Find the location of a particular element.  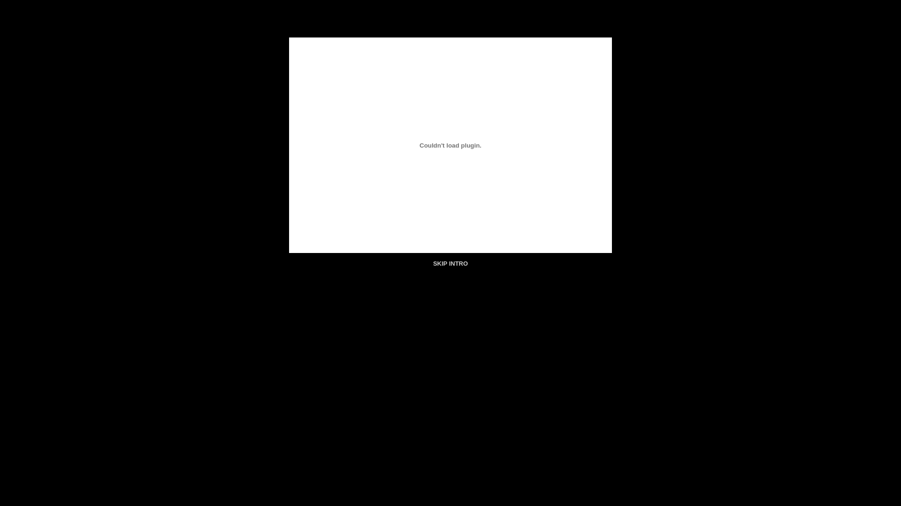

'SKIP INTRO' is located at coordinates (450, 263).